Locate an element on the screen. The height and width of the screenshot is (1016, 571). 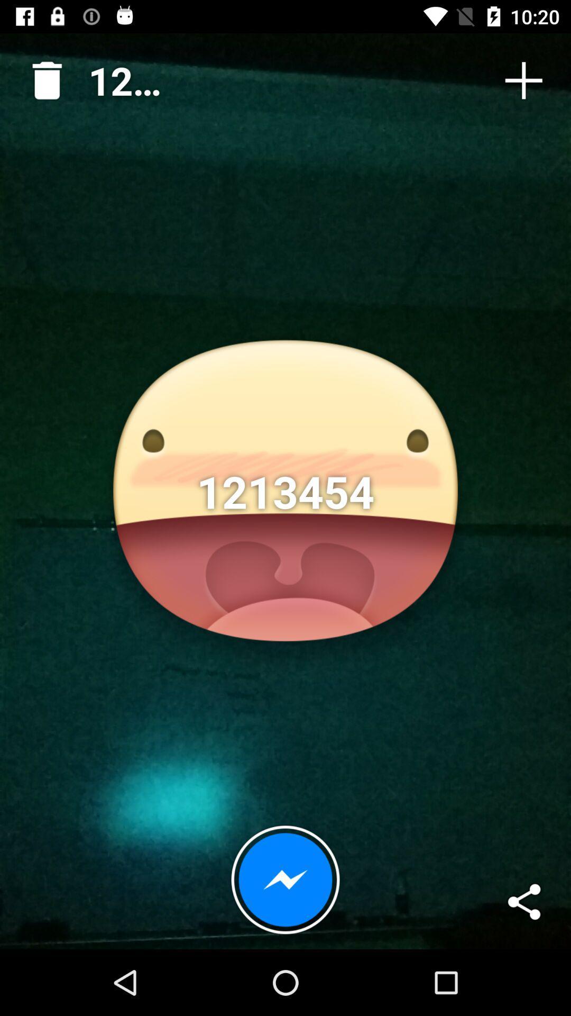
icon at the top right corner is located at coordinates (523, 80).